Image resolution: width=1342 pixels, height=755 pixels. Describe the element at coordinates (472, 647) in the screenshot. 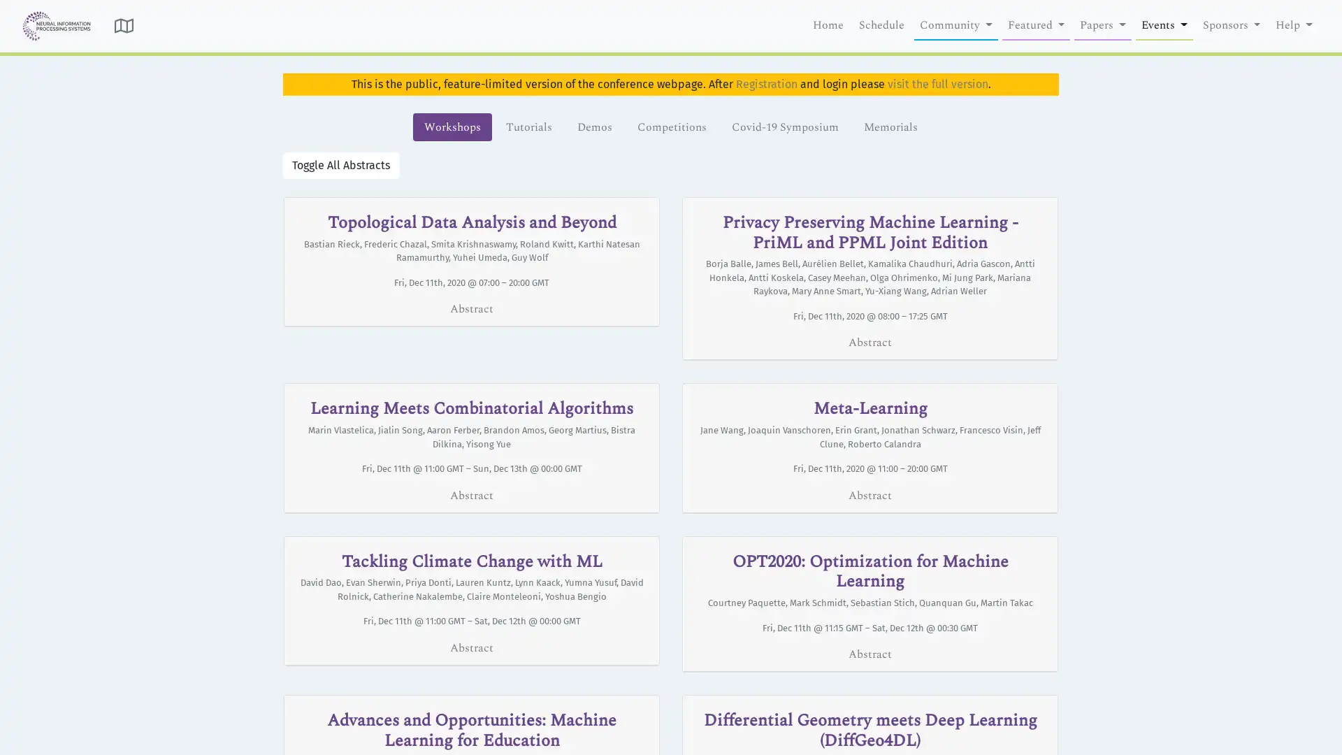

I see `Abstract` at that location.